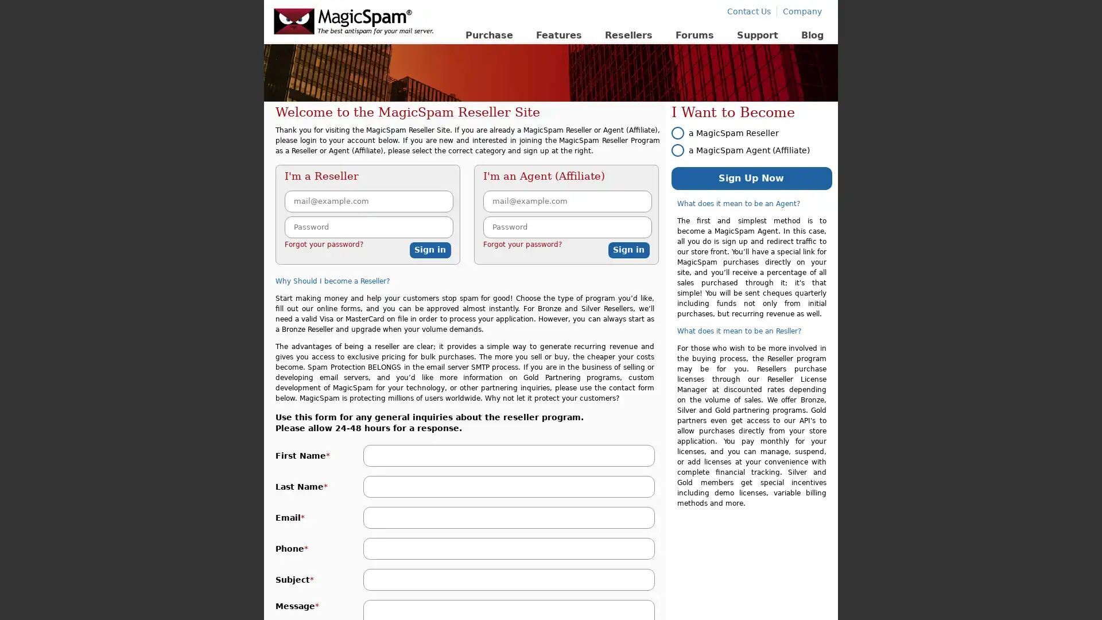 The width and height of the screenshot is (1102, 620). Describe the element at coordinates (429, 249) in the screenshot. I see `Sign in` at that location.